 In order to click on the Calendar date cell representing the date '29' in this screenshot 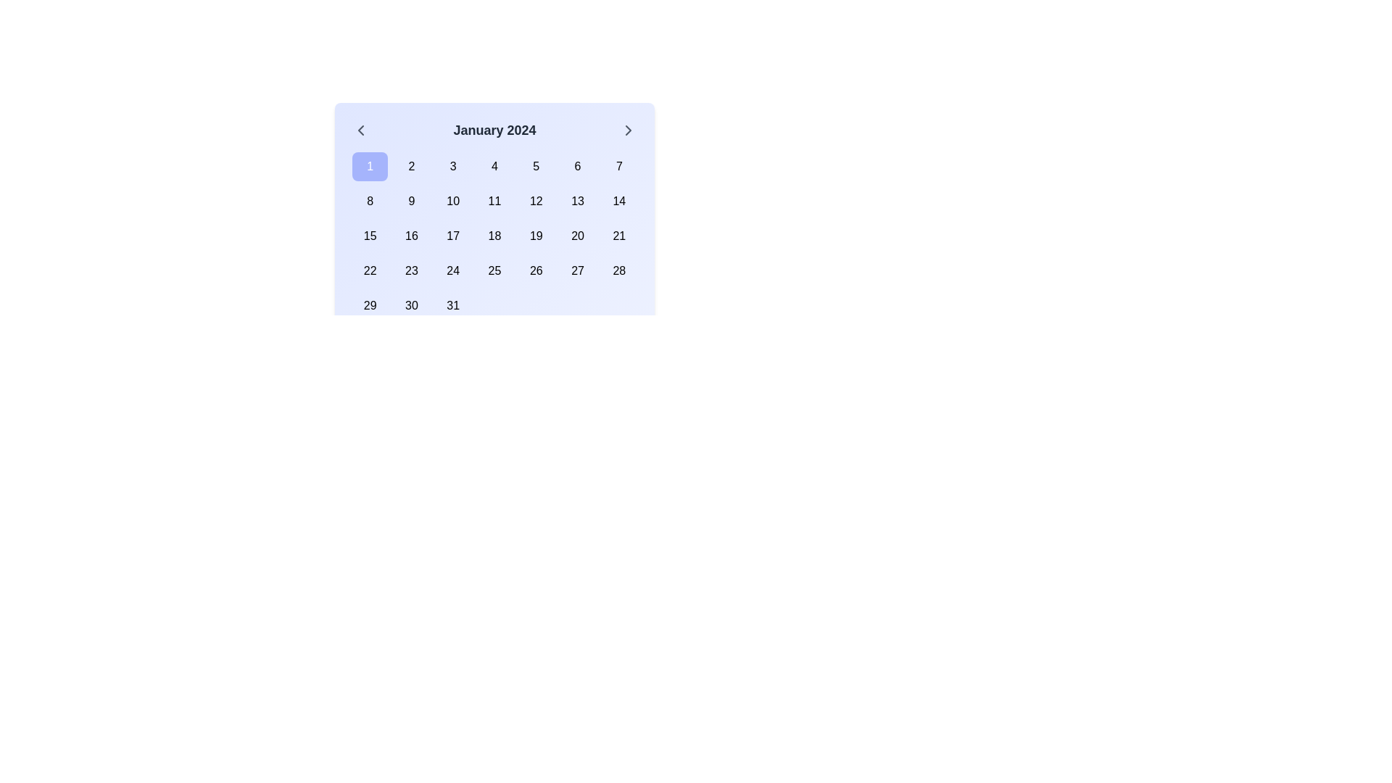, I will do `click(370, 304)`.